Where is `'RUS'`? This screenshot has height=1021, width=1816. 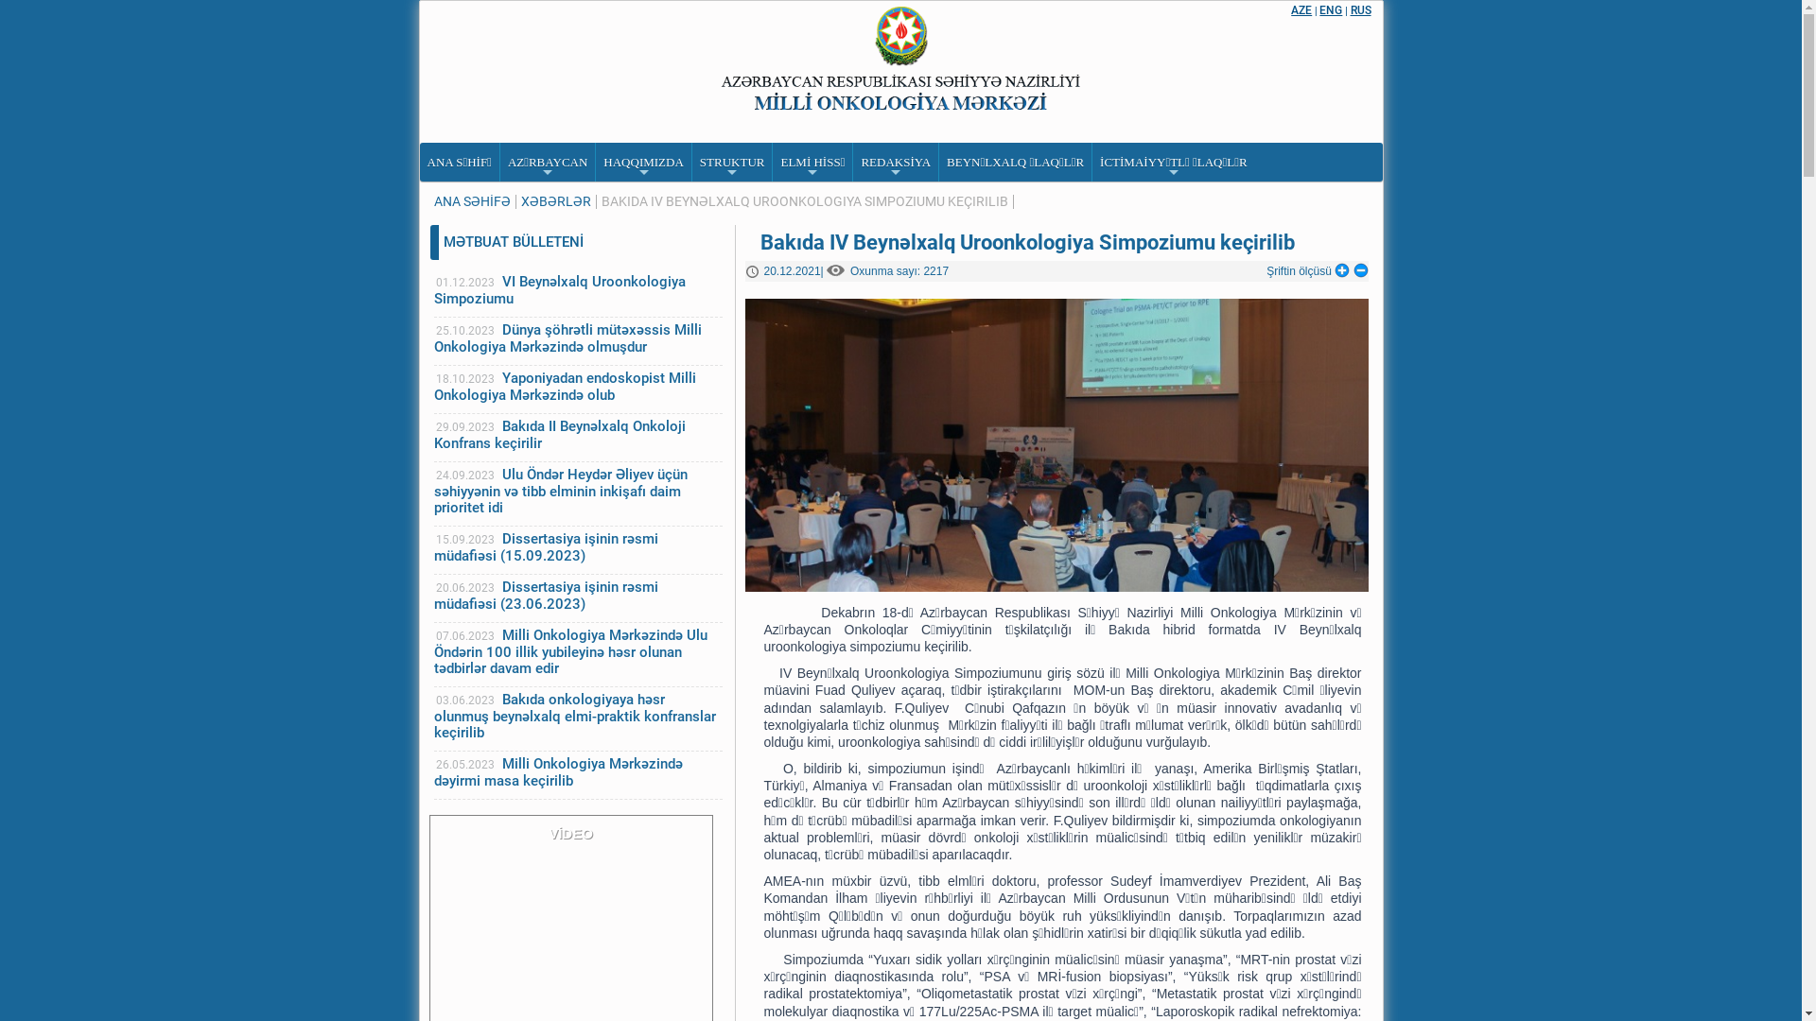
'RUS' is located at coordinates (1360, 10).